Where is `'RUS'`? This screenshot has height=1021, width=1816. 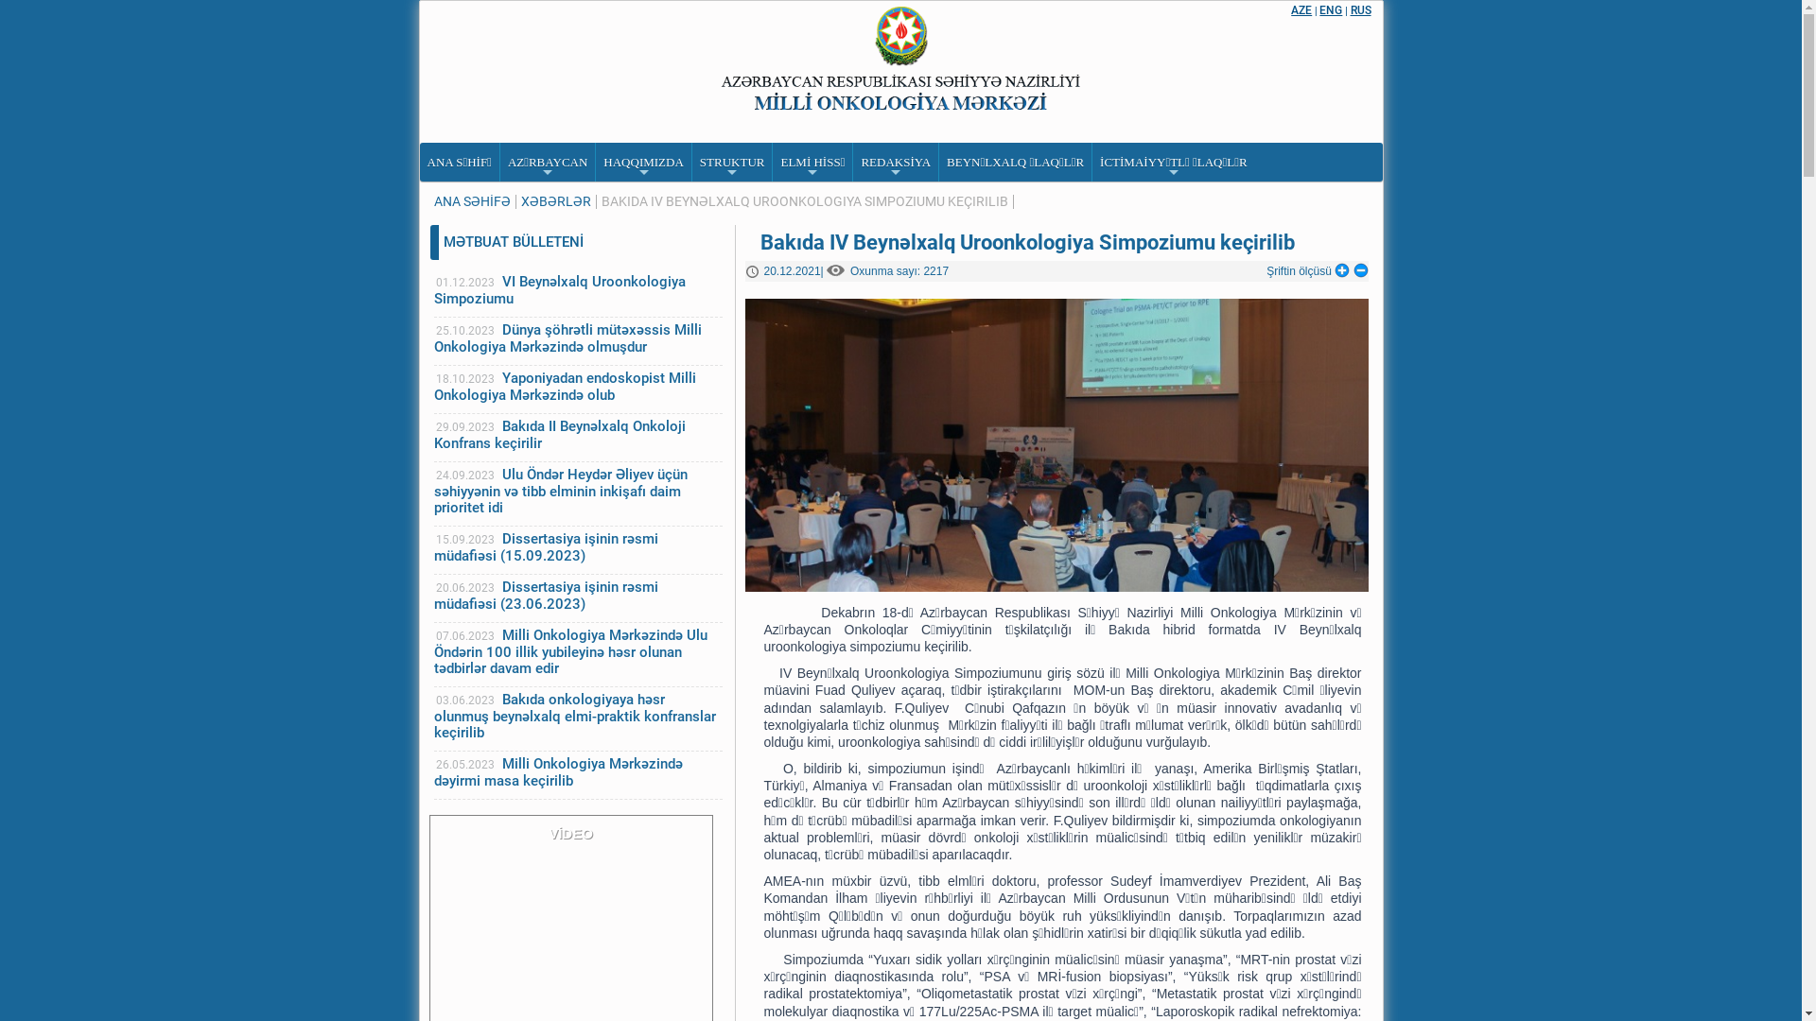
'RUS' is located at coordinates (1360, 10).